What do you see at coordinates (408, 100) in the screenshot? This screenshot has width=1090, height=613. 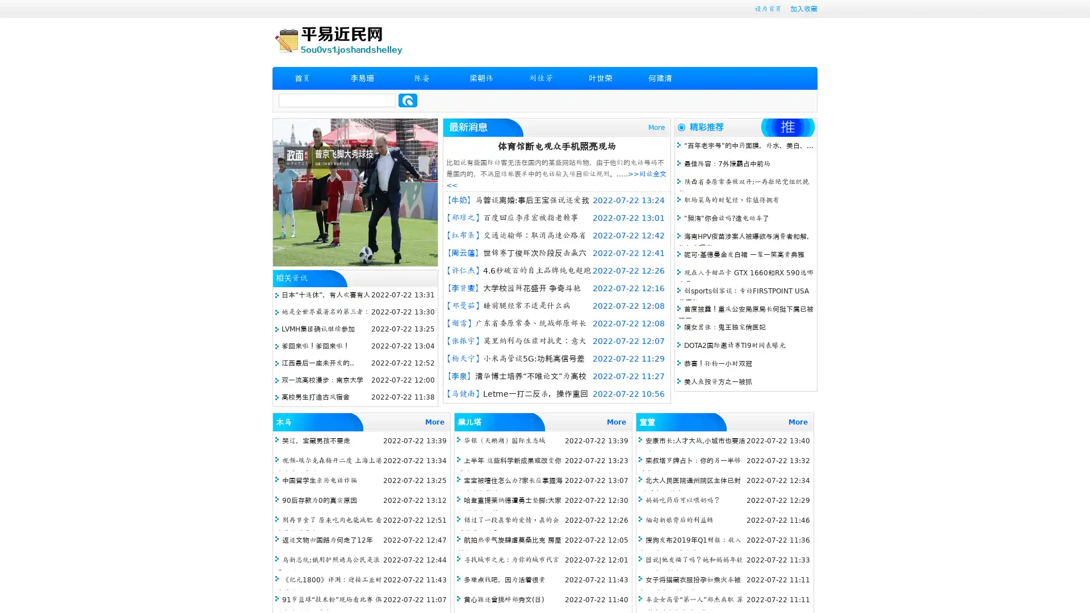 I see `Search` at bounding box center [408, 100].